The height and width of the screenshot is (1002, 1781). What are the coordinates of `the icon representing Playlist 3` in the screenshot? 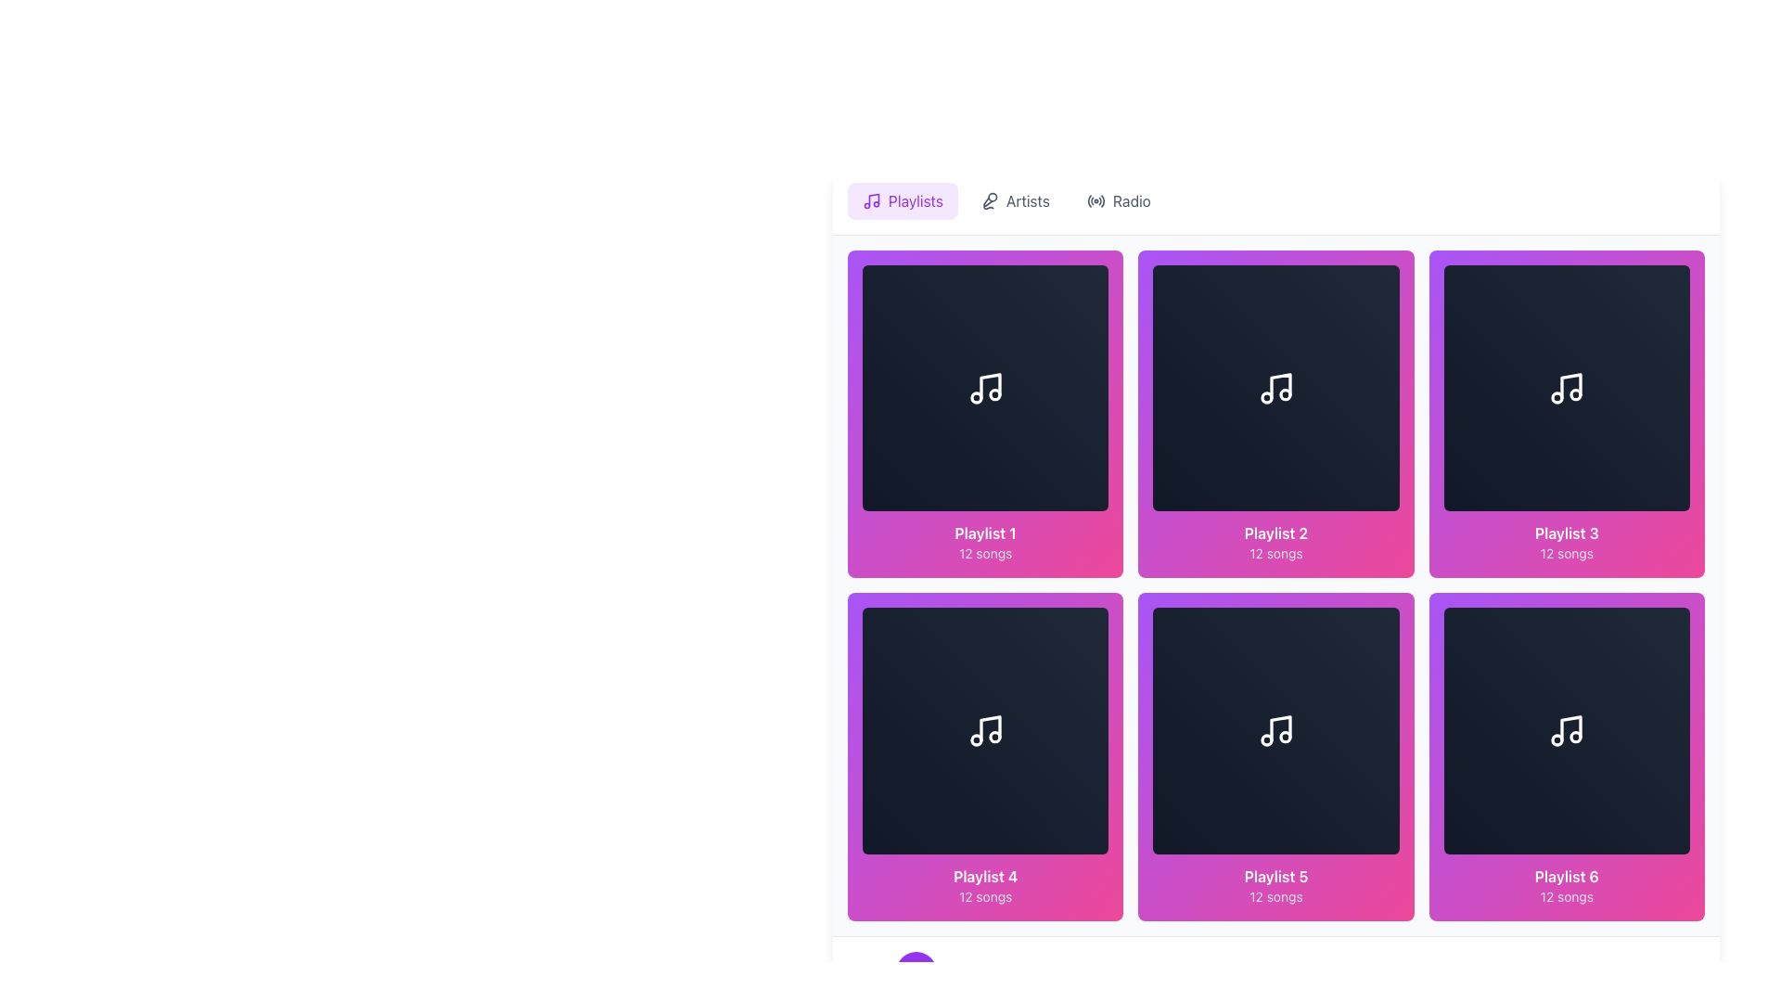 It's located at (1566, 387).